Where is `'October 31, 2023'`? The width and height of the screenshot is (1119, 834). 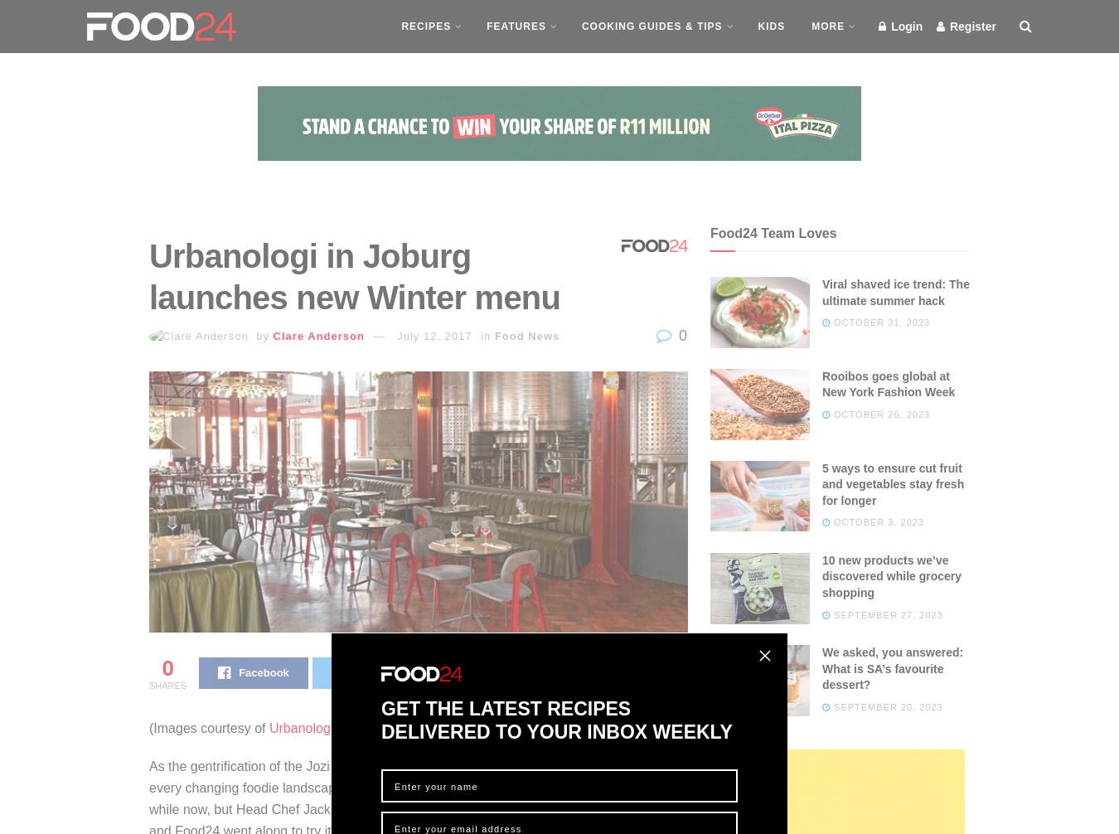
'October 31, 2023' is located at coordinates (829, 322).